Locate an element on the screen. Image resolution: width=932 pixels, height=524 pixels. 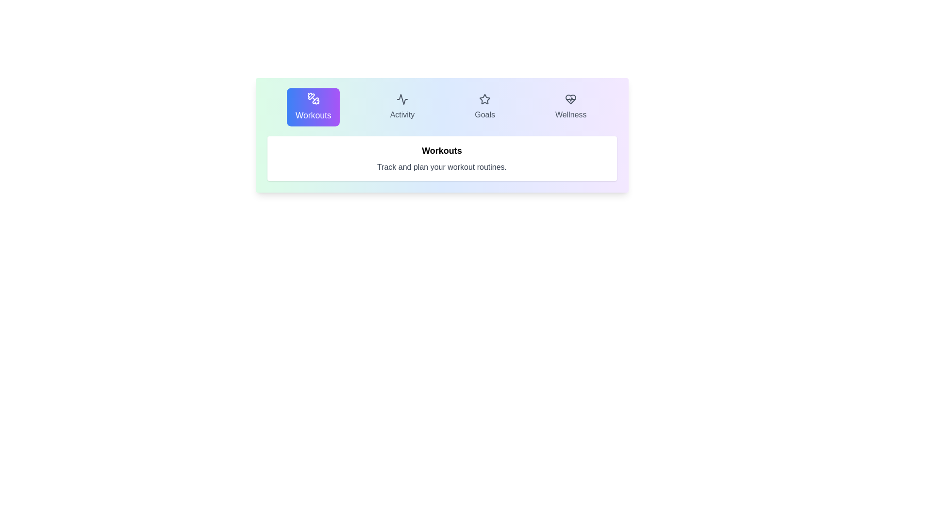
the bold 'Workouts' text label located at the top-center of a white box with rounded edges and shadow is located at coordinates (441, 151).